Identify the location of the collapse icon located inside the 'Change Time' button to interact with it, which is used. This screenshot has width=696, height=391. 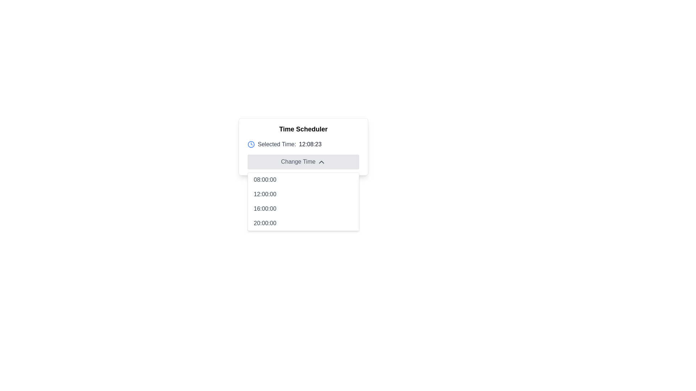
(321, 161).